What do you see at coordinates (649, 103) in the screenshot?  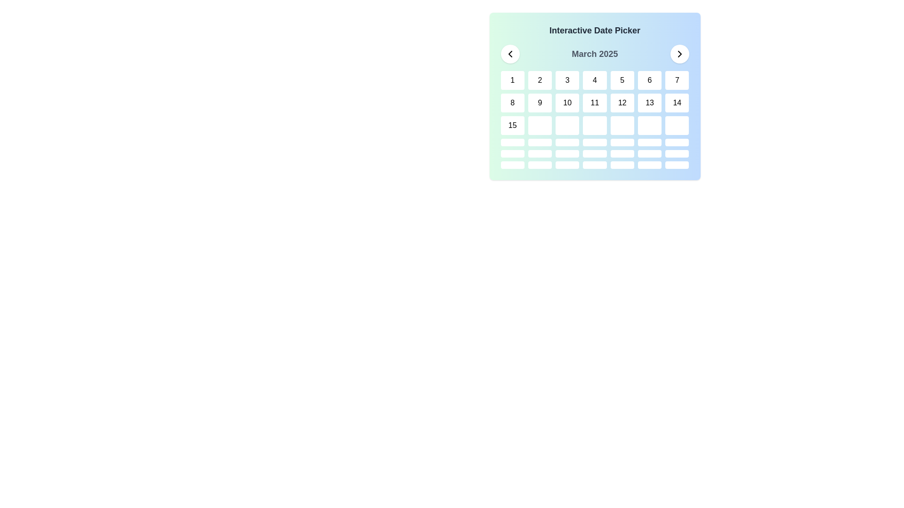 I see `the button representing the 13th day of the month in the date picker` at bounding box center [649, 103].